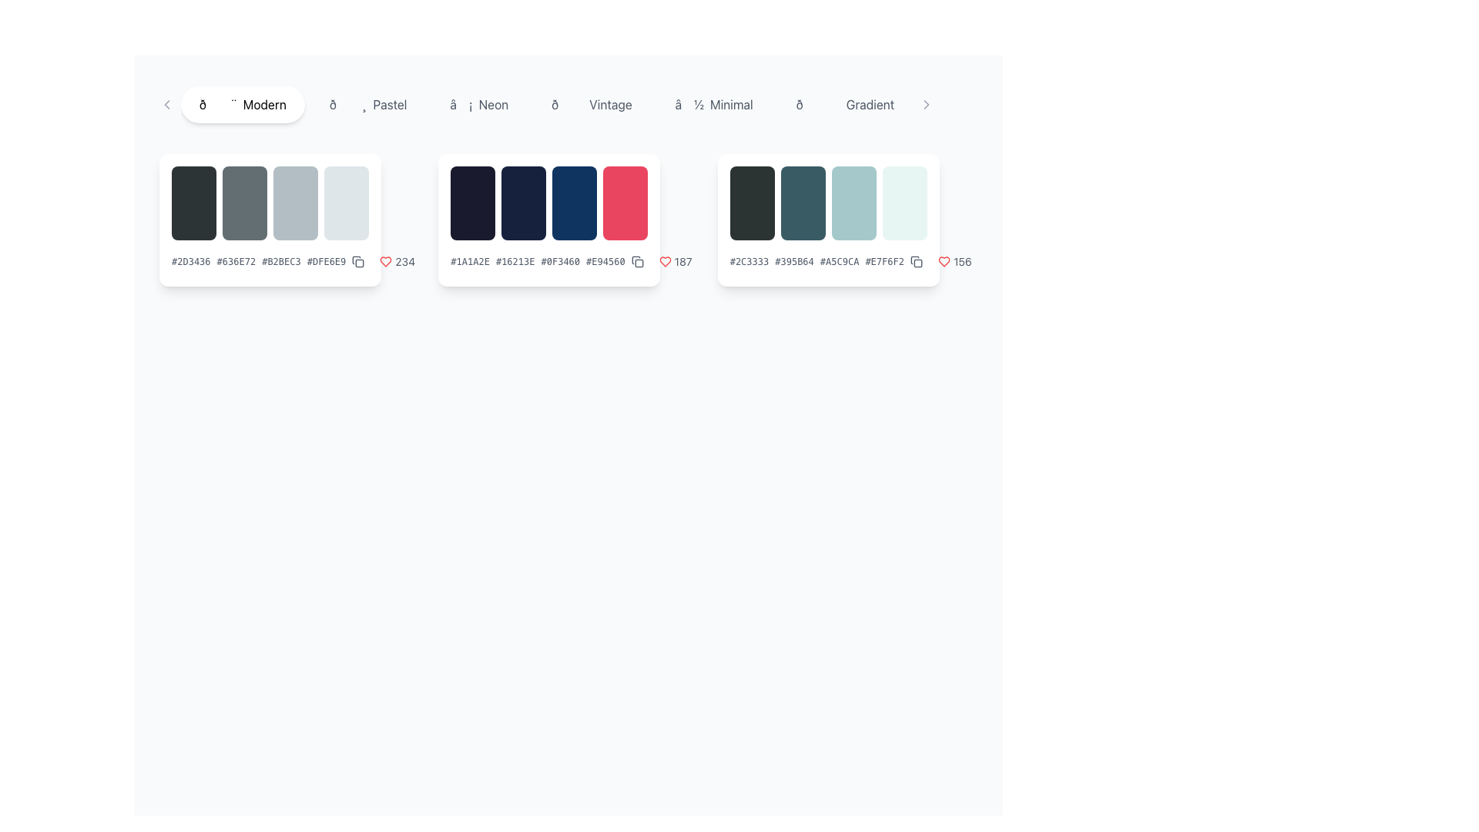 The image size is (1479, 832). I want to click on the heart-shaped 'like' icon filled with red color located next to the text '156', so click(943, 260).